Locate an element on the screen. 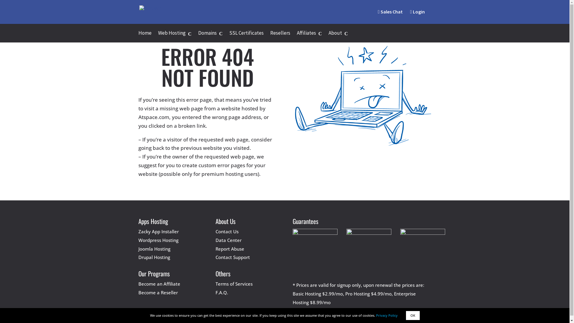 This screenshot has height=323, width=574. 'F.A.Q.' is located at coordinates (222, 292).